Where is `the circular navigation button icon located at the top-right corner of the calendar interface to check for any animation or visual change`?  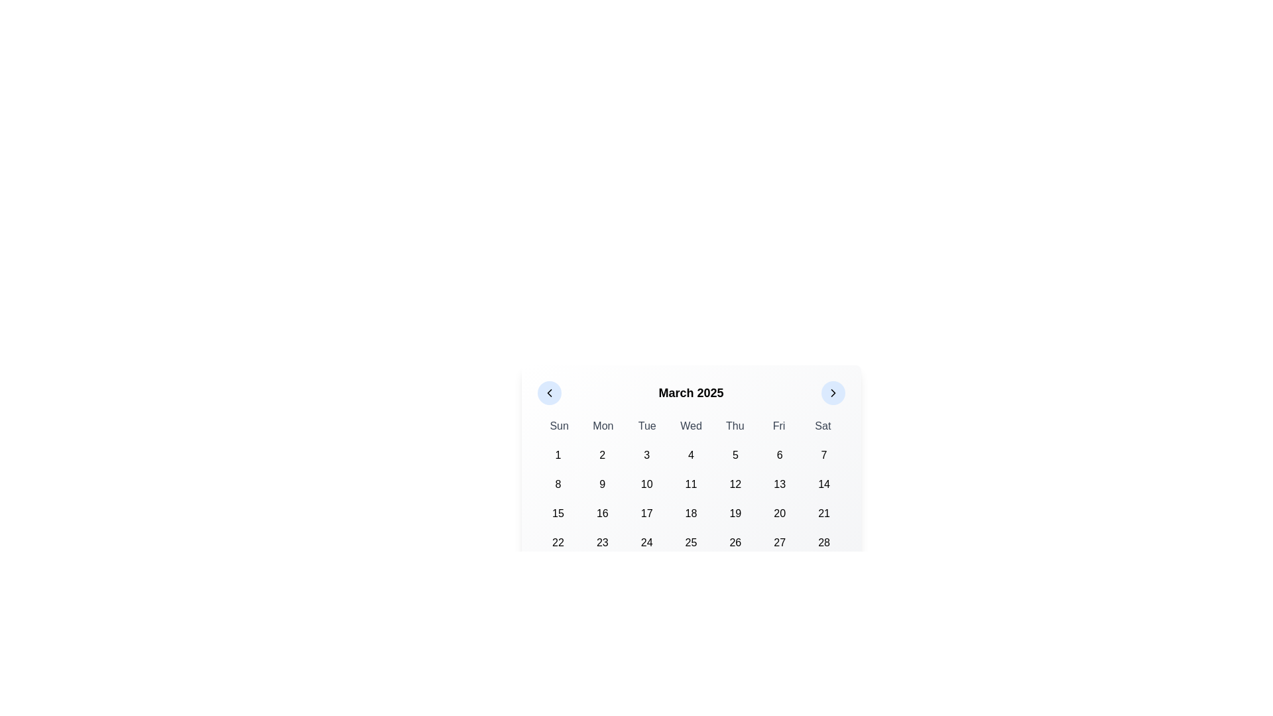 the circular navigation button icon located at the top-right corner of the calendar interface to check for any animation or visual change is located at coordinates (832, 392).